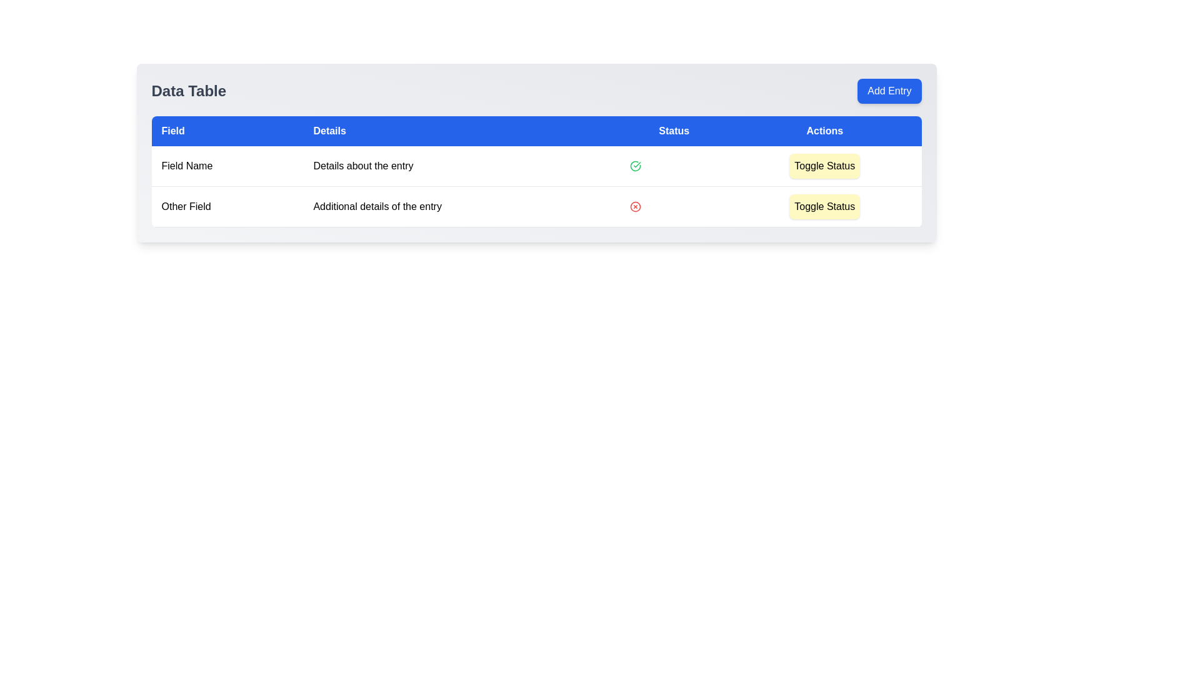 The image size is (1200, 675). Describe the element at coordinates (636, 166) in the screenshot. I see `the green circle icon with a checkmark inside, located in the 'Status' column of the first data row labeled 'Field Name', to understand the status` at that location.